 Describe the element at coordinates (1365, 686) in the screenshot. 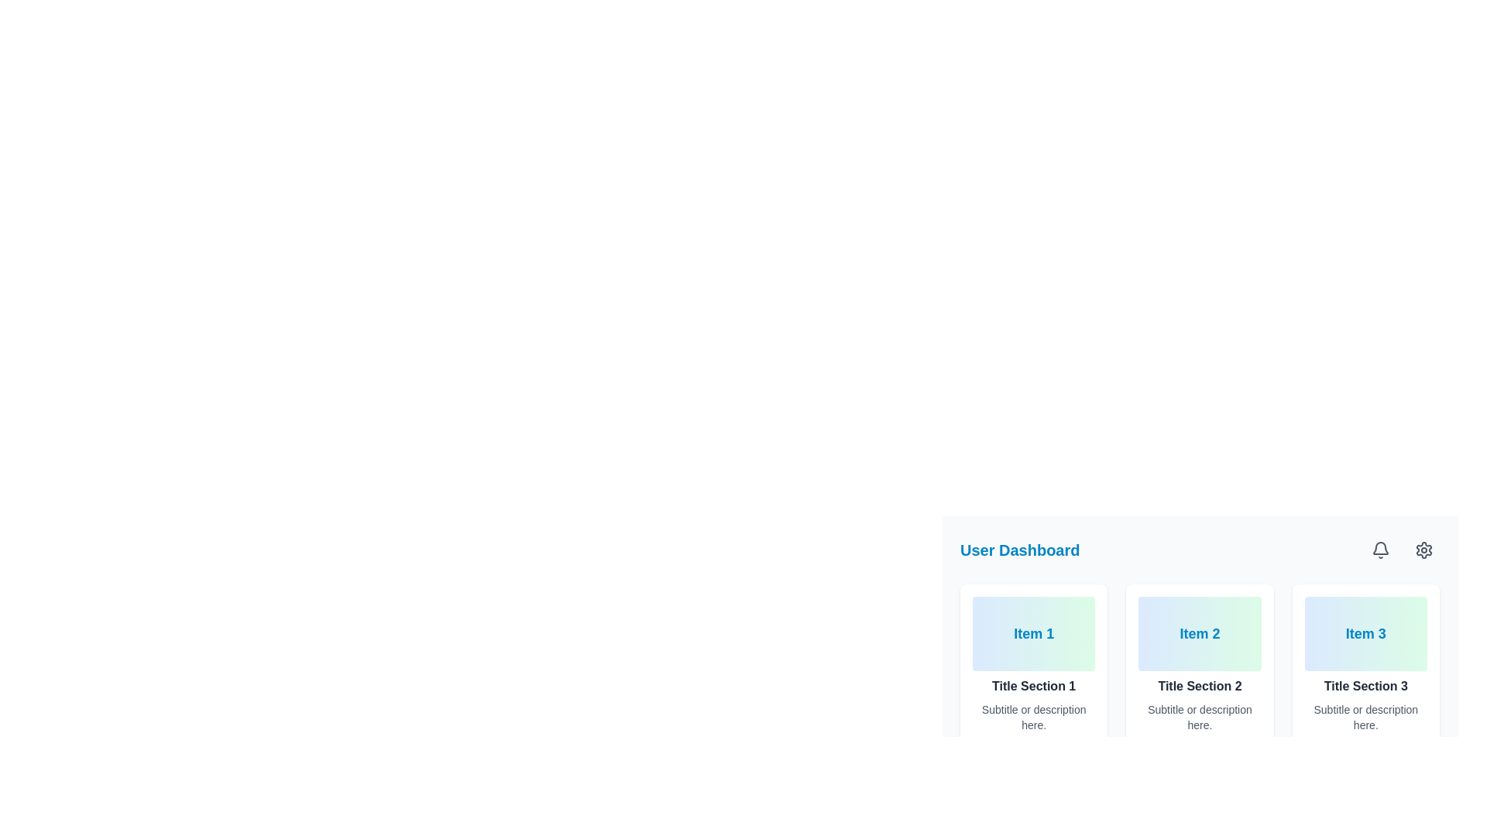

I see `the text label displaying 'Title Section 3' in dark gray bold font, located below the heading 'Item 3' within the rightmost card of a grid layout` at that location.